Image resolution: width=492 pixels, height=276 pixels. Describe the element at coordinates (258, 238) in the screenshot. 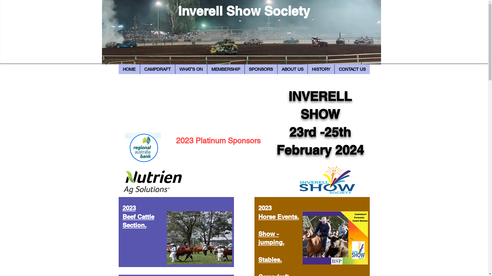

I see `'Show -` at that location.